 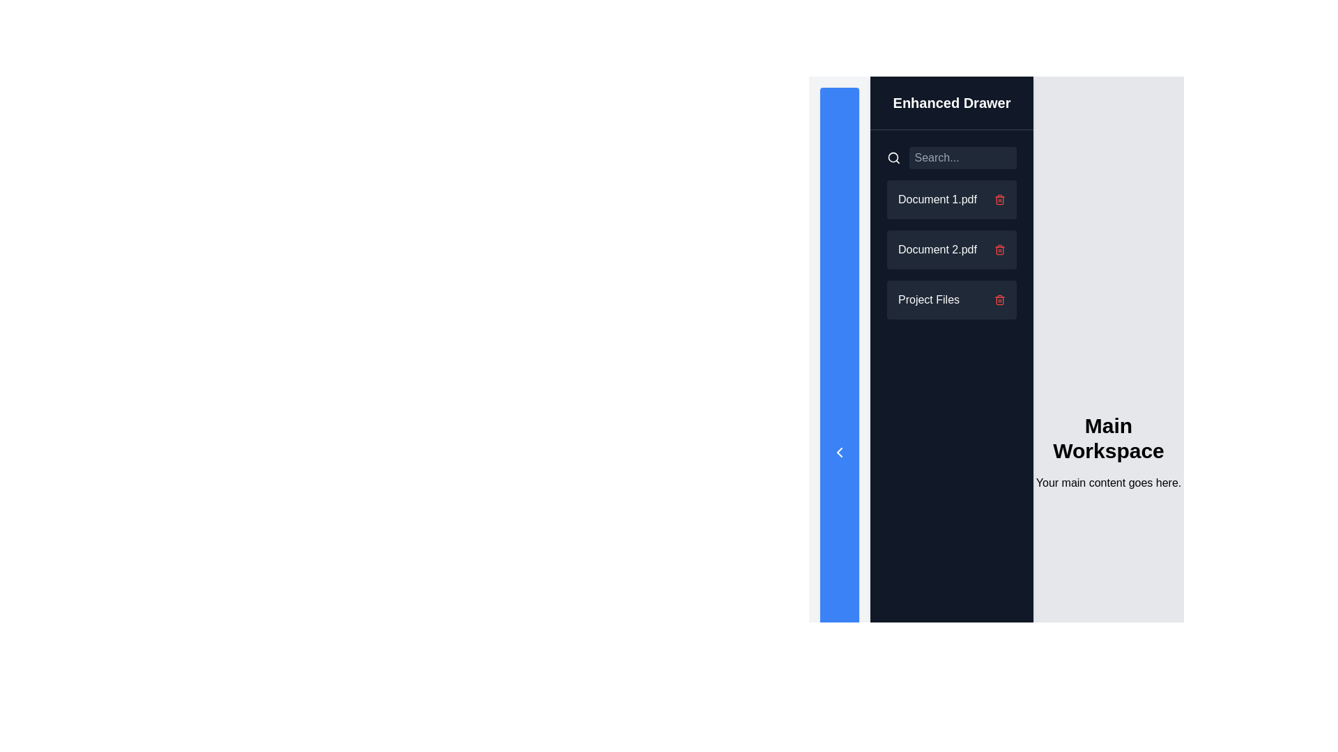 I want to click on the trash bin icon button associated with 'Document 1.pdf', so click(x=999, y=199).